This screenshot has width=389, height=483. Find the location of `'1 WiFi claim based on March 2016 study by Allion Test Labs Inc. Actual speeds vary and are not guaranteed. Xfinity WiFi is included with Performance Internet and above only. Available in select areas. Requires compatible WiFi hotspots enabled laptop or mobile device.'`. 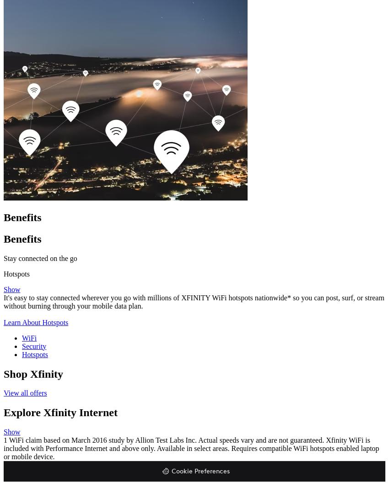

'1 WiFi claim based on March 2016 study by Allion Test Labs Inc. Actual speeds vary and are not guaranteed. Xfinity WiFi is included with Performance Internet and above only. Available in select areas. Requires compatible WiFi hotspots enabled laptop or mobile device.' is located at coordinates (191, 448).